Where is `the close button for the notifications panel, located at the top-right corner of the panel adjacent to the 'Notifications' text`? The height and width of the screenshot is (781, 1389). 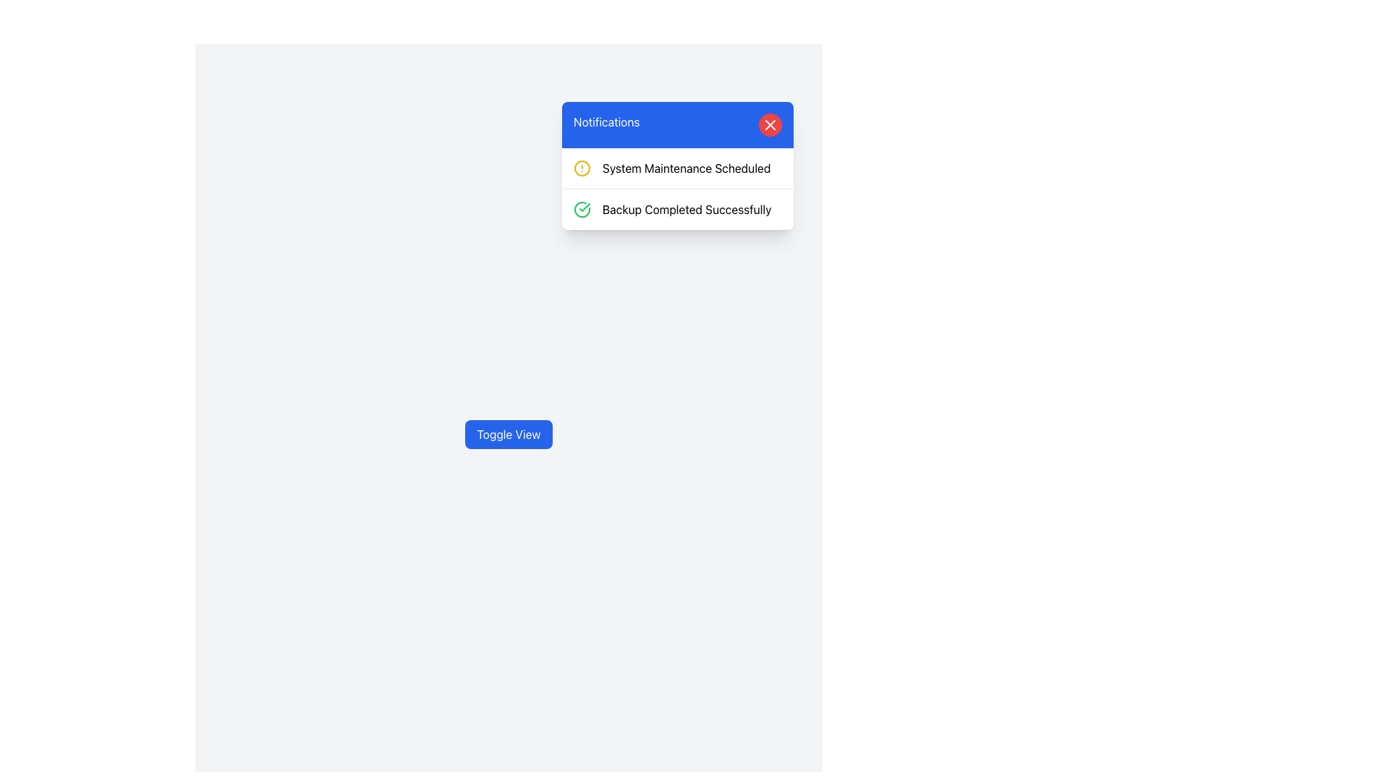 the close button for the notifications panel, located at the top-right corner of the panel adjacent to the 'Notifications' text is located at coordinates (770, 124).